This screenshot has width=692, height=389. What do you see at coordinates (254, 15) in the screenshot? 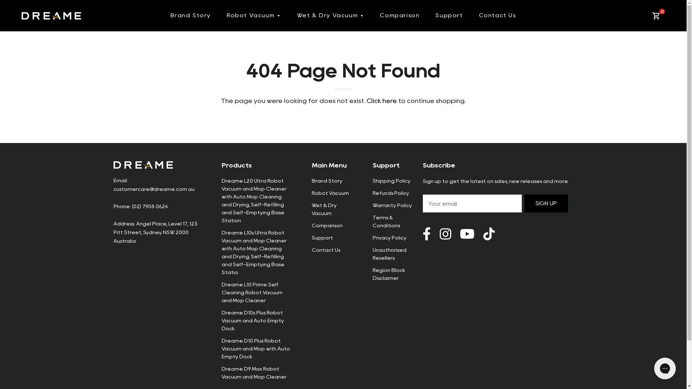
I see `'Robot Vacuum'` at bounding box center [254, 15].